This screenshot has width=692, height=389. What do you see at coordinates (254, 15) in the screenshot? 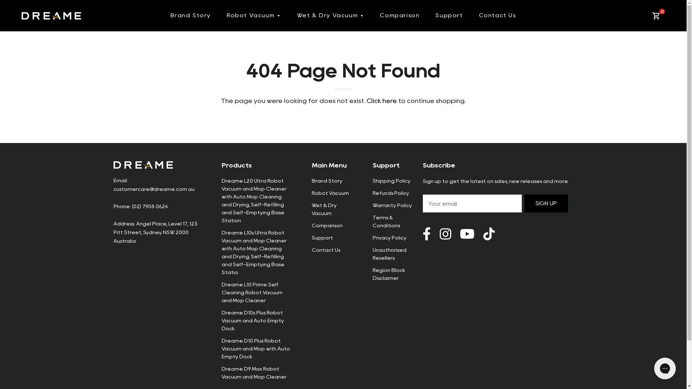
I see `'Robot Vacuum'` at bounding box center [254, 15].